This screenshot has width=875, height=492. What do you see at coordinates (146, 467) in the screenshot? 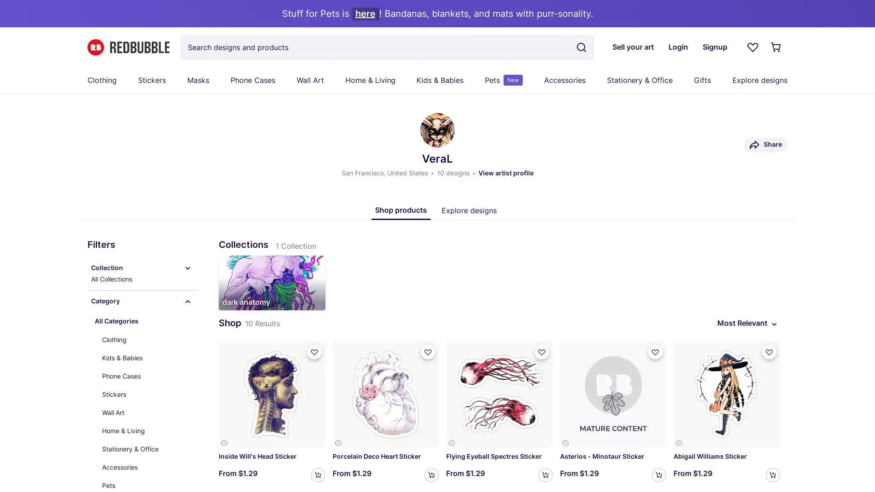
I see `Accessories` at bounding box center [146, 467].